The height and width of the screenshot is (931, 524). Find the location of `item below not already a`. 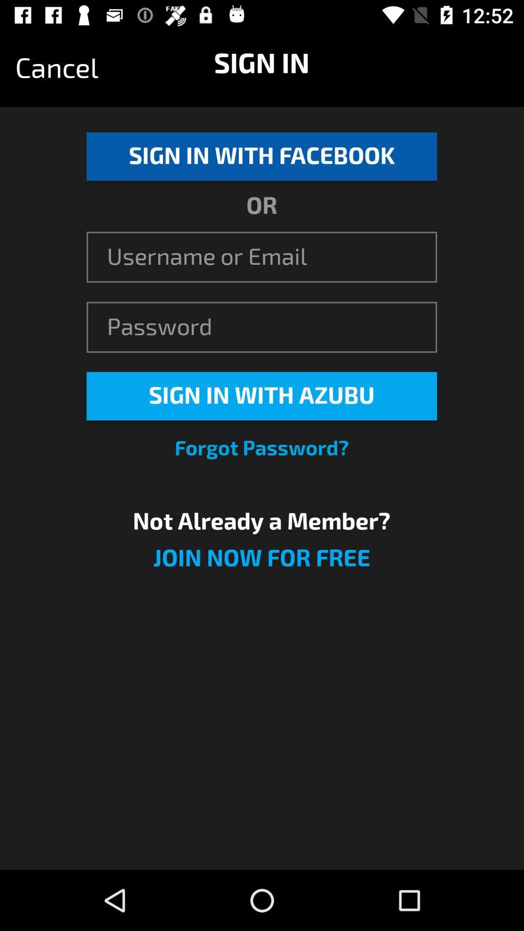

item below not already a is located at coordinates (261, 564).